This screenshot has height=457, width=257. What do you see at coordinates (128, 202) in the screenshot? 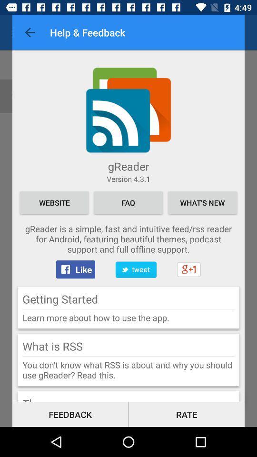
I see `icon to the left of what's new icon` at bounding box center [128, 202].